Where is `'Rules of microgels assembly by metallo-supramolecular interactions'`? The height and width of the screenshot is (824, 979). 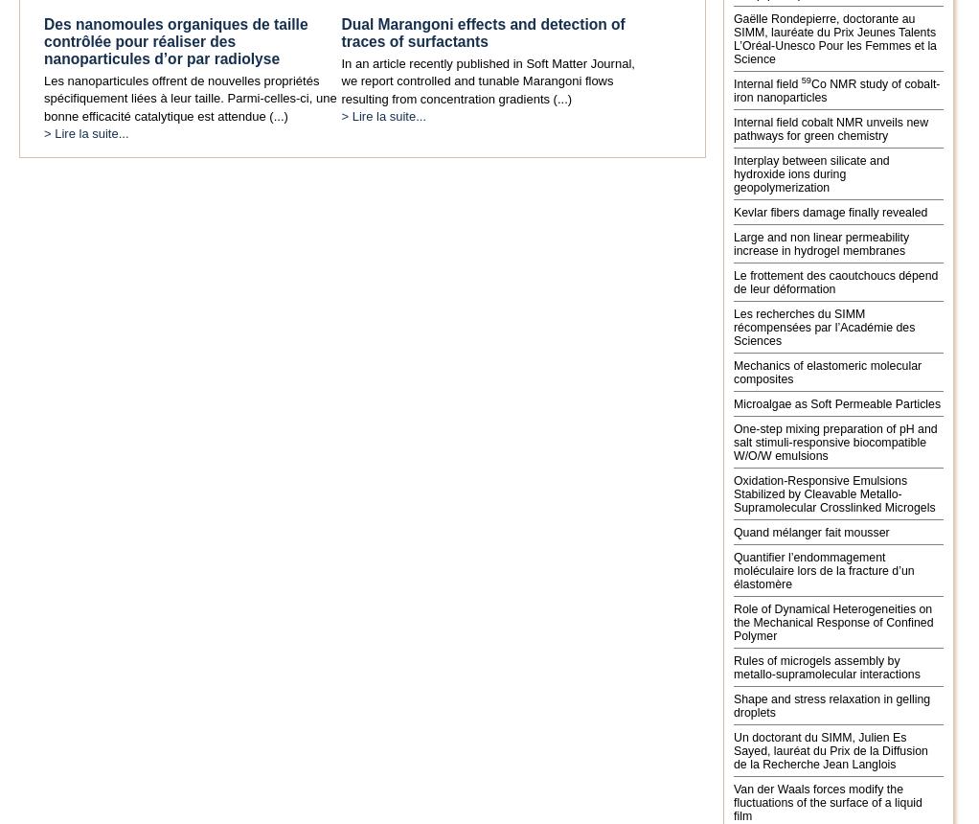
'Rules of microgels assembly by metallo-supramolecular interactions' is located at coordinates (732, 666).